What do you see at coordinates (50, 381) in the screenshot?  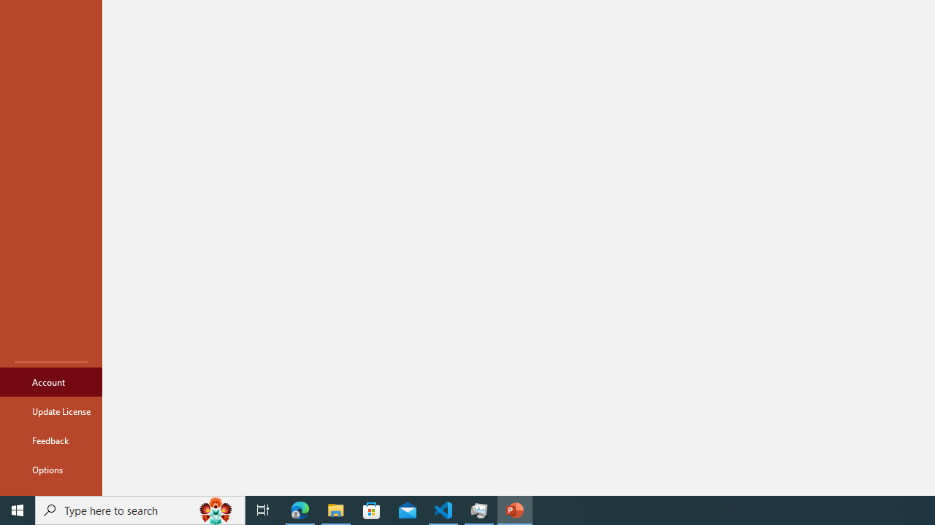 I see `'Account'` at bounding box center [50, 381].